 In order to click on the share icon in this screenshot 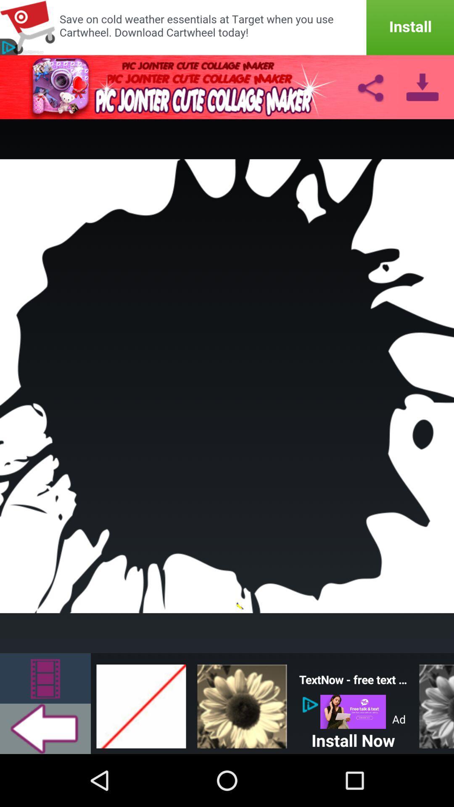, I will do `click(370, 93)`.